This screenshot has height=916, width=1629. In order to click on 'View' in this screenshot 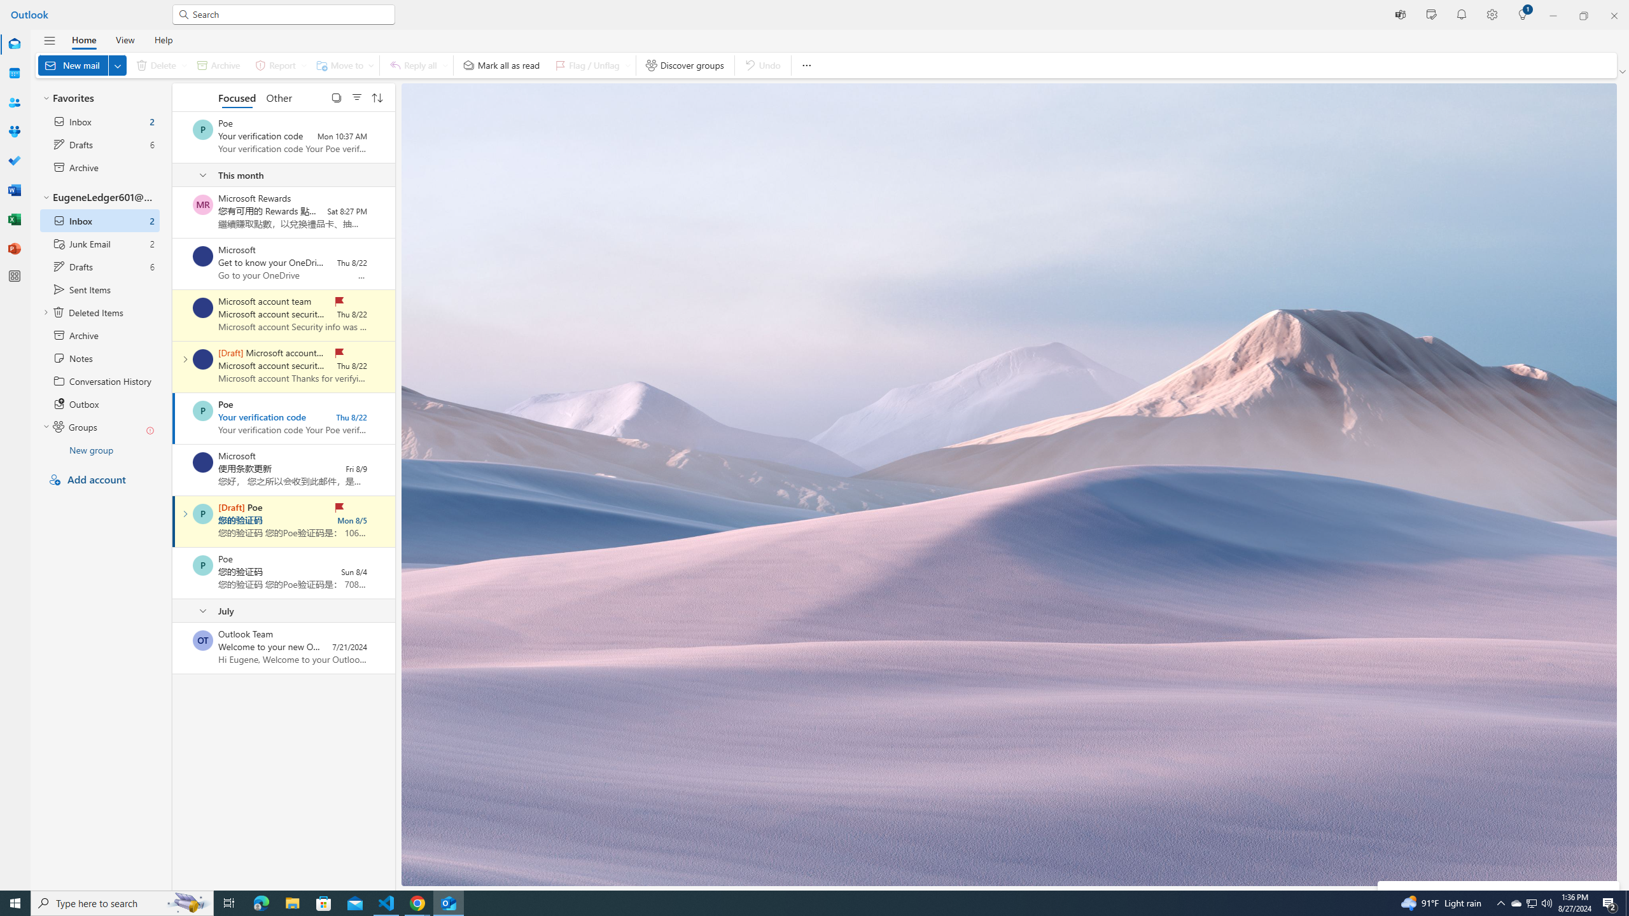, I will do `click(125, 39)`.